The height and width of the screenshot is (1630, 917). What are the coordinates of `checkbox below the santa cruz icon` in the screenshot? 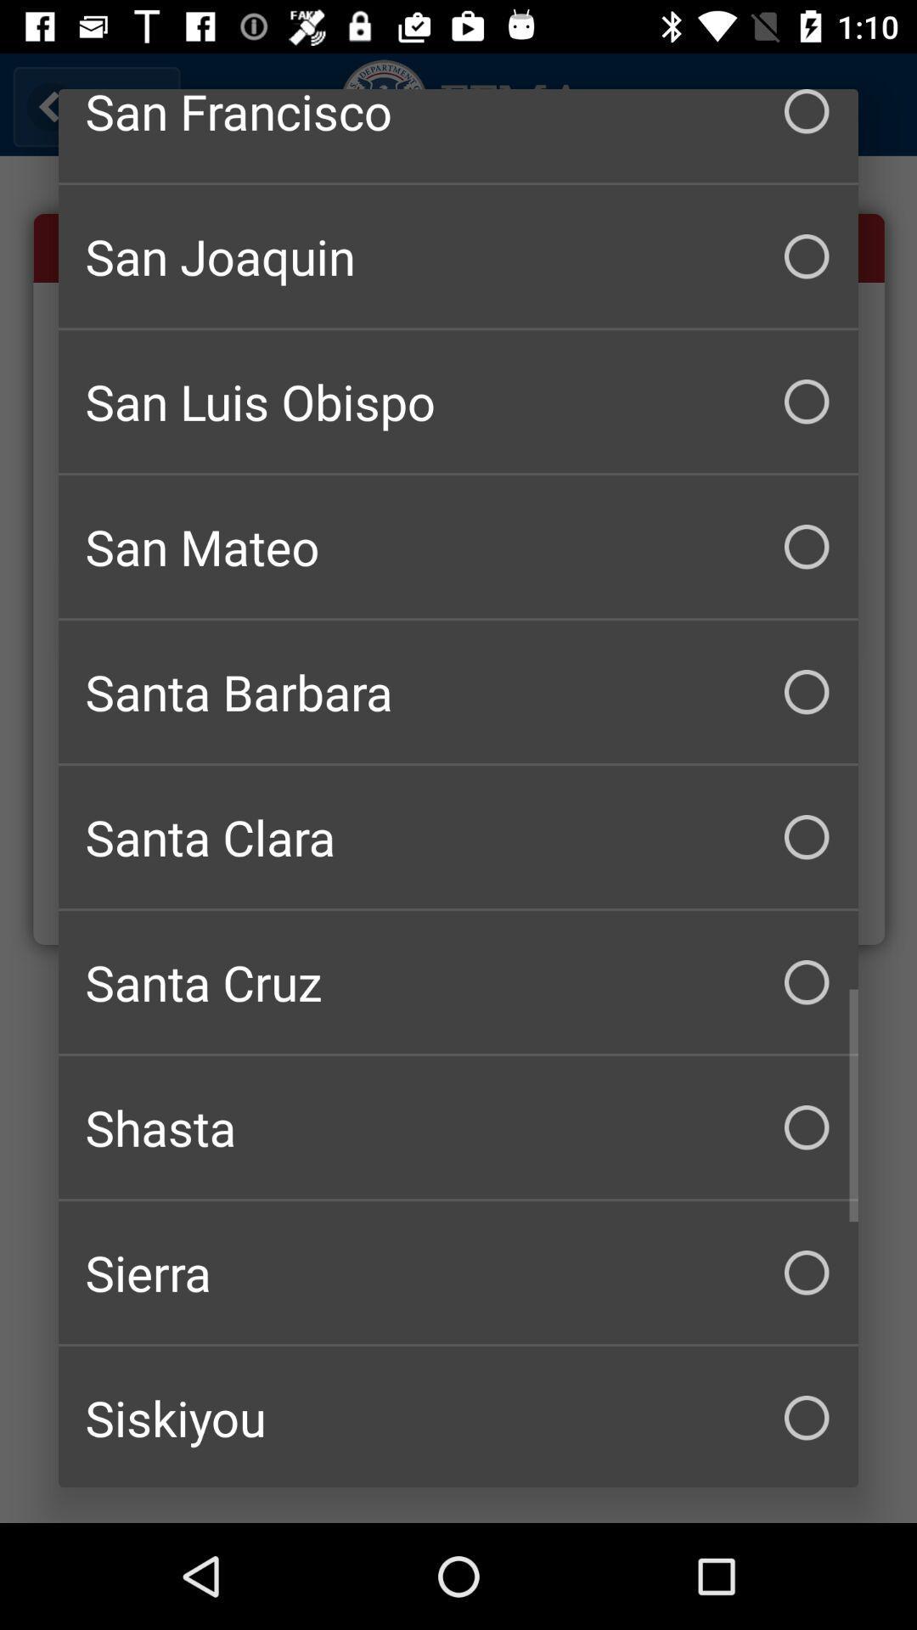 It's located at (458, 1127).